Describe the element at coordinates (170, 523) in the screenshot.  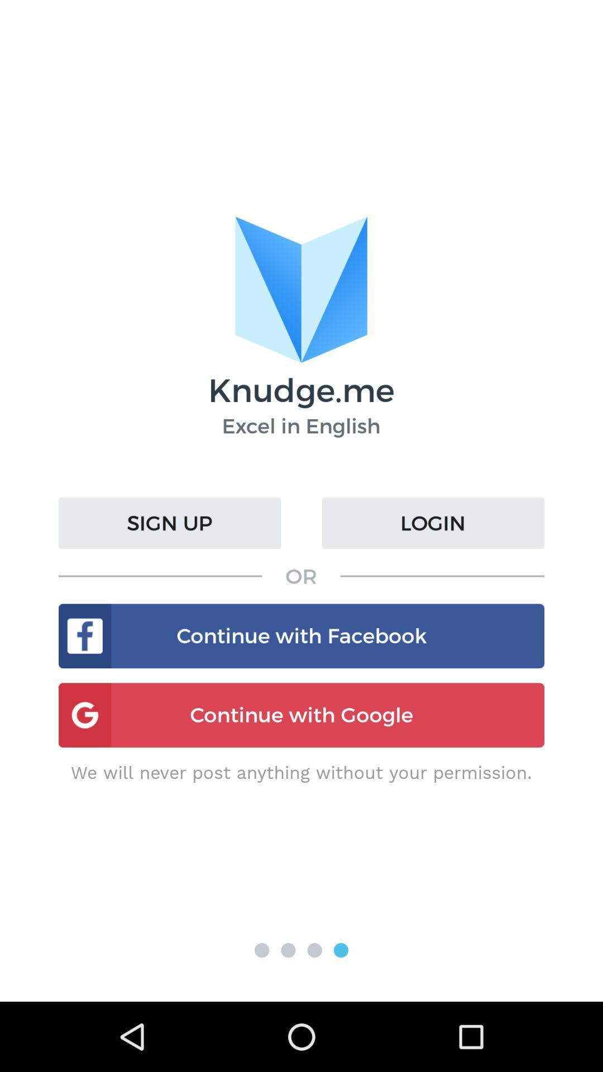
I see `icon below excel in english` at that location.